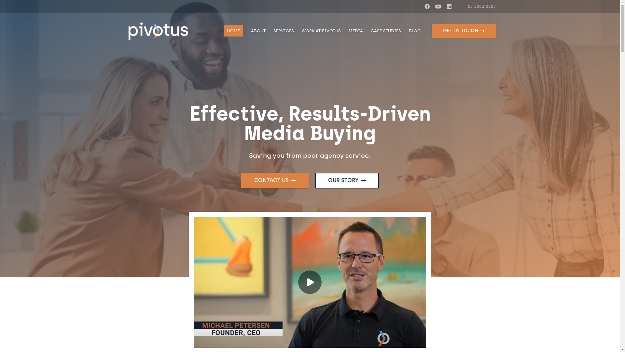 Image resolution: width=625 pixels, height=352 pixels. I want to click on 'LinkedIn', so click(443, 6).